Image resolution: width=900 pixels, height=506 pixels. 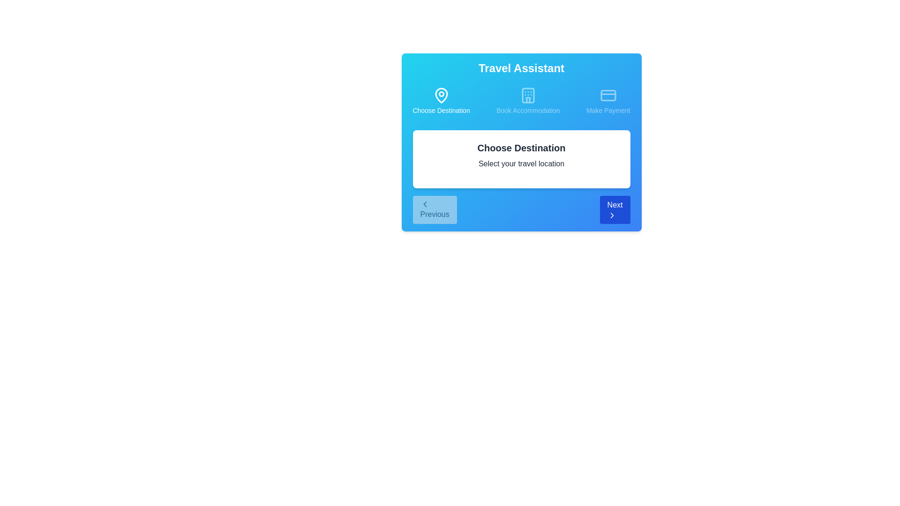 What do you see at coordinates (608, 101) in the screenshot?
I see `the step icon corresponding to Make Payment to navigate to that step` at bounding box center [608, 101].